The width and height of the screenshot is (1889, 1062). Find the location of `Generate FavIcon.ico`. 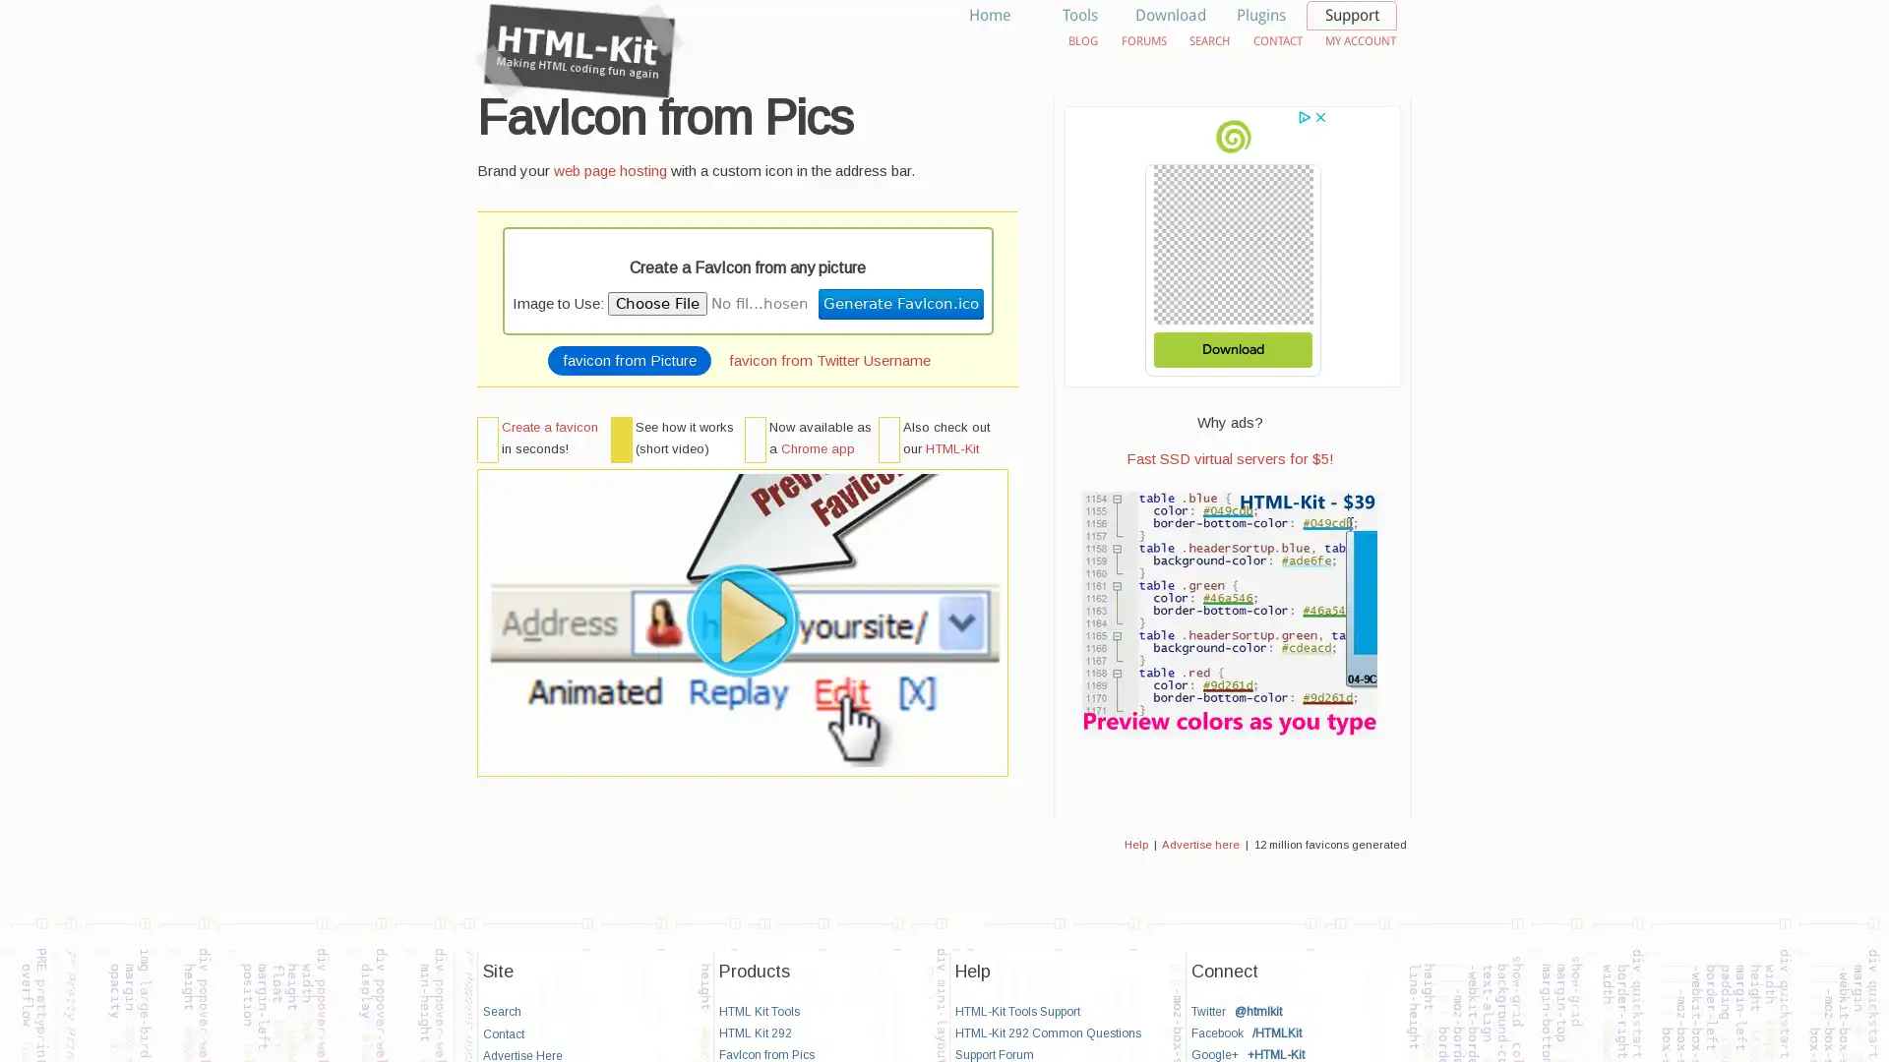

Generate FavIcon.ico is located at coordinates (899, 303).